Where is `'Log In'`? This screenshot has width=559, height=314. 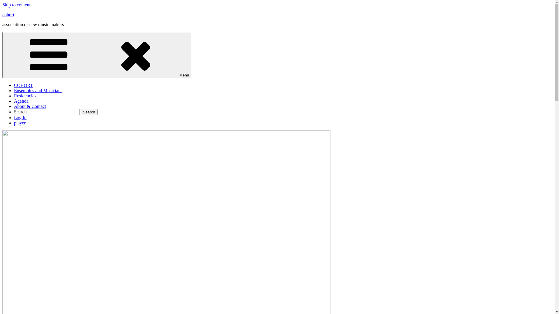 'Log In' is located at coordinates (20, 117).